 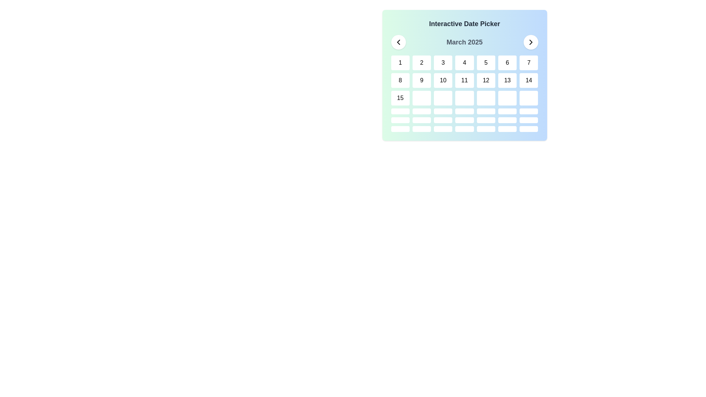 I want to click on the rectangular button with rounded corners and a plain white background located in the bottom-right section of the calendar grid, so click(x=528, y=97).